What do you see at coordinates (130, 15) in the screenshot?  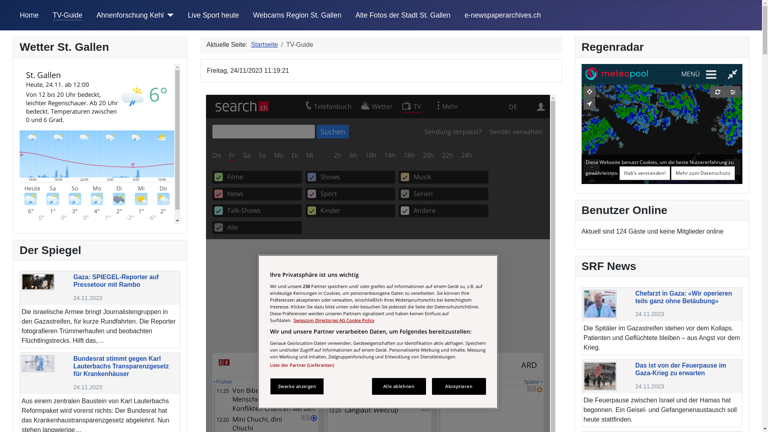 I see `'Ahnenforschung Kehl'` at bounding box center [130, 15].